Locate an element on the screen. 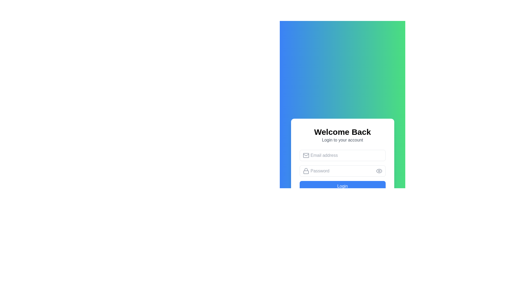  the envelope-shaped icon located on the left side of the 'Email address' input field within the login form is located at coordinates (306, 155).